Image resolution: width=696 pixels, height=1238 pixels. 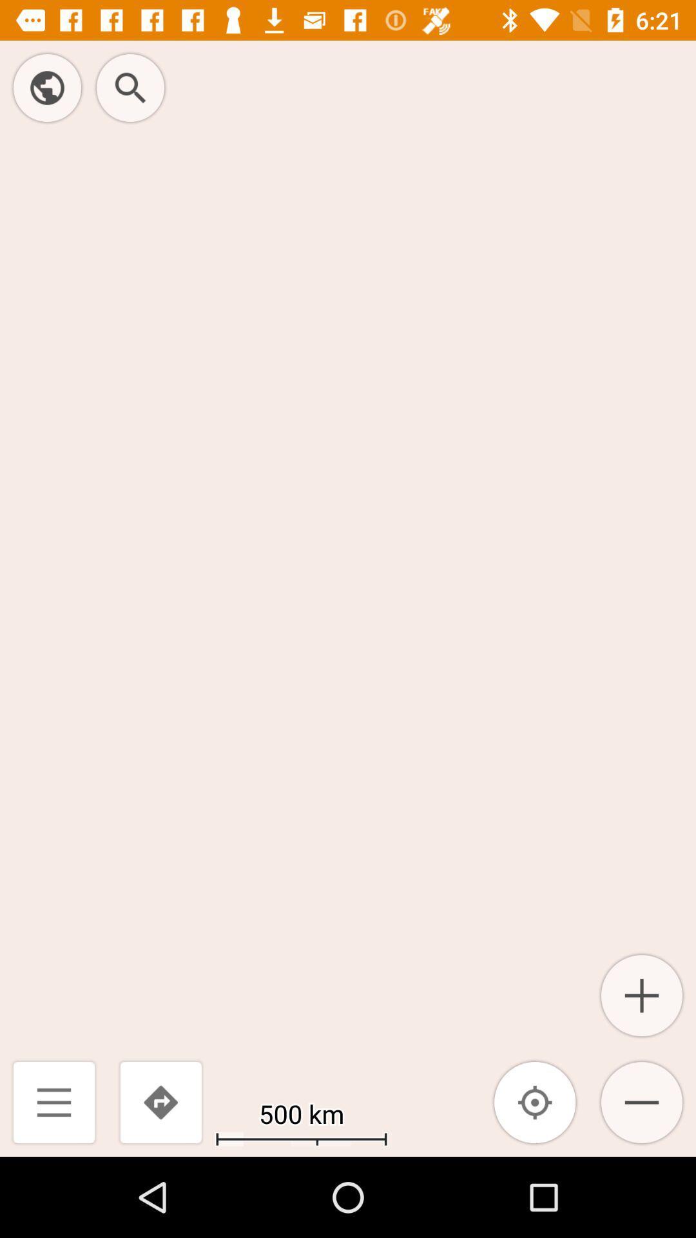 What do you see at coordinates (160, 1101) in the screenshot?
I see `the redo icon` at bounding box center [160, 1101].